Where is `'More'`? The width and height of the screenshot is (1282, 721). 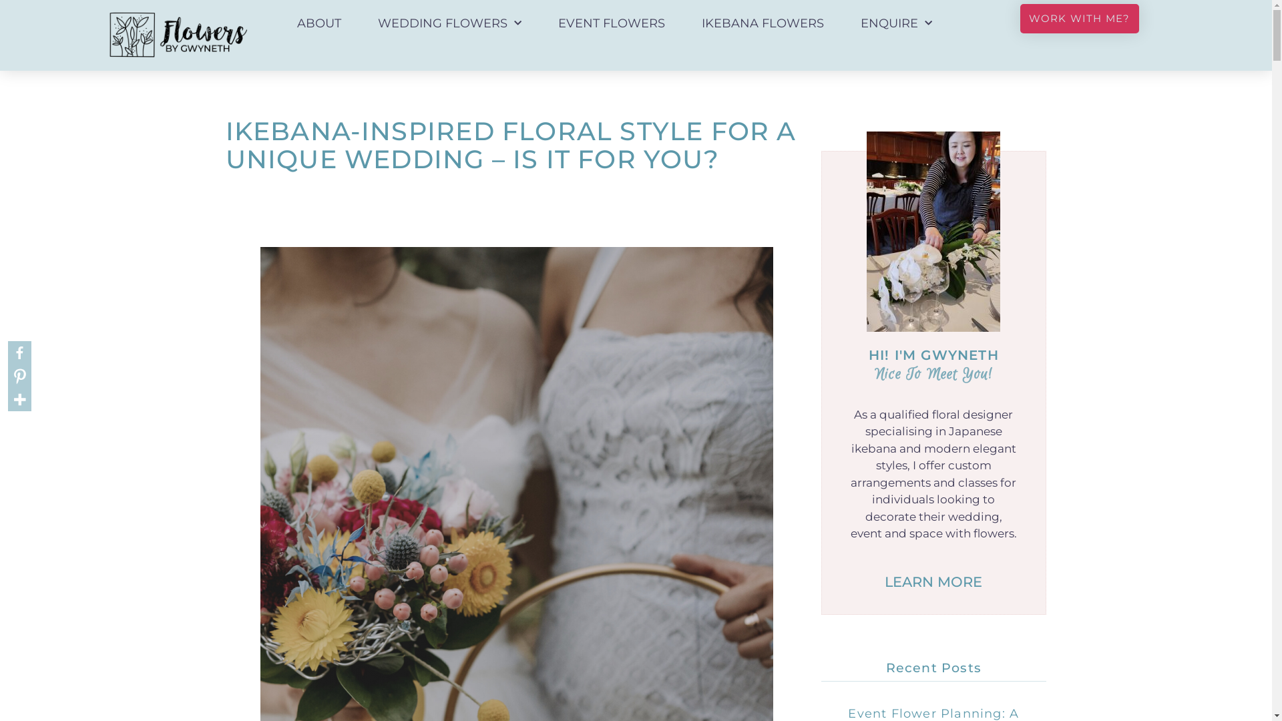 'More' is located at coordinates (19, 399).